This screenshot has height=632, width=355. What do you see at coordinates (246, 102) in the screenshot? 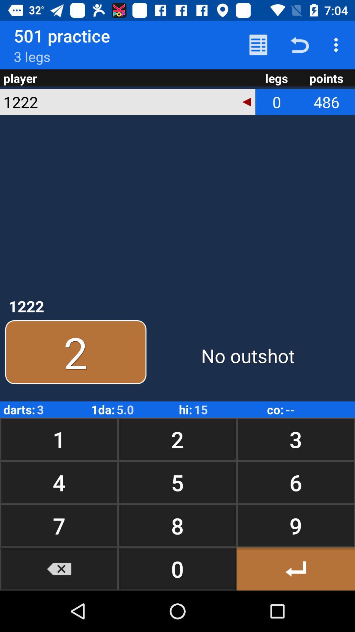
I see `icon next to the legs icon` at bounding box center [246, 102].